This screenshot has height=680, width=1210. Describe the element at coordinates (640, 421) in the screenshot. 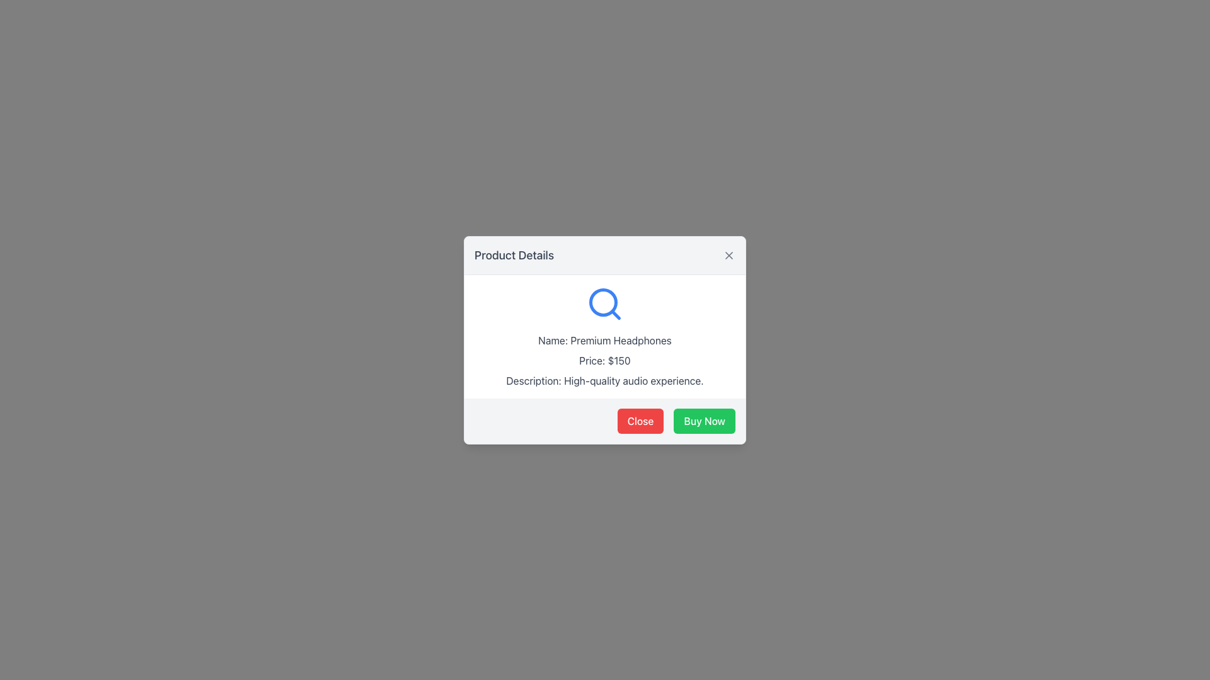

I see `the red 'Close' button, which is the leftmost button in the bottom-right section of the modal dialog` at that location.